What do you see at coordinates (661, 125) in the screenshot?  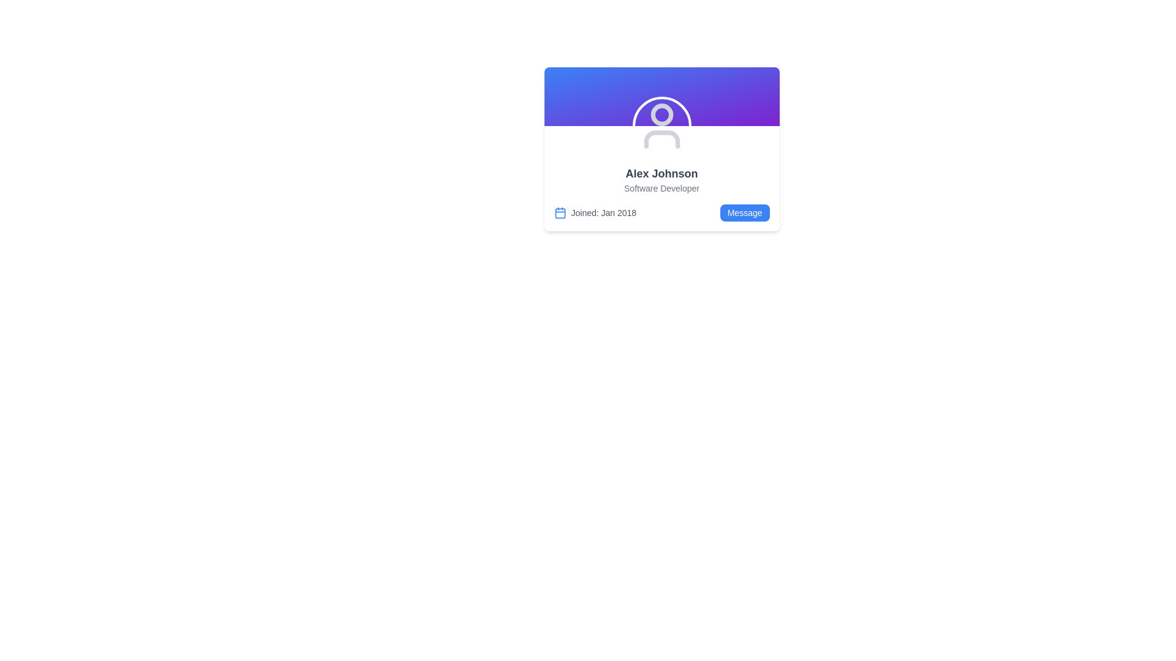 I see `the profile avatar placeholder, which is centrally located above the user's name within the profile card component` at bounding box center [661, 125].